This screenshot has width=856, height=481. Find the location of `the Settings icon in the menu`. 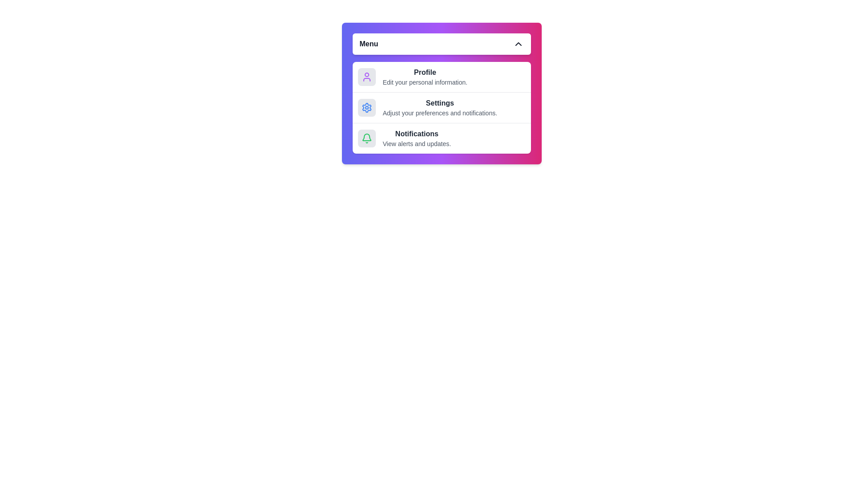

the Settings icon in the menu is located at coordinates (366, 107).